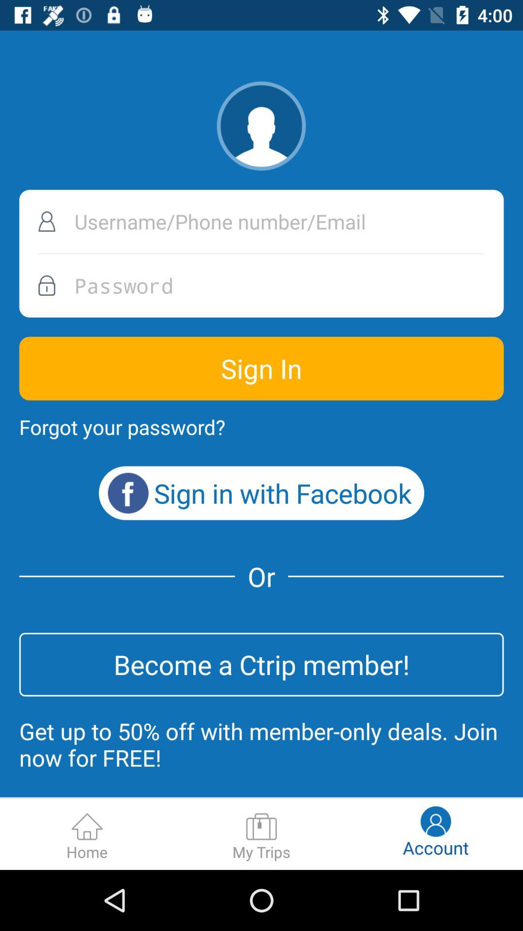  Describe the element at coordinates (122, 427) in the screenshot. I see `the forgot your password?` at that location.